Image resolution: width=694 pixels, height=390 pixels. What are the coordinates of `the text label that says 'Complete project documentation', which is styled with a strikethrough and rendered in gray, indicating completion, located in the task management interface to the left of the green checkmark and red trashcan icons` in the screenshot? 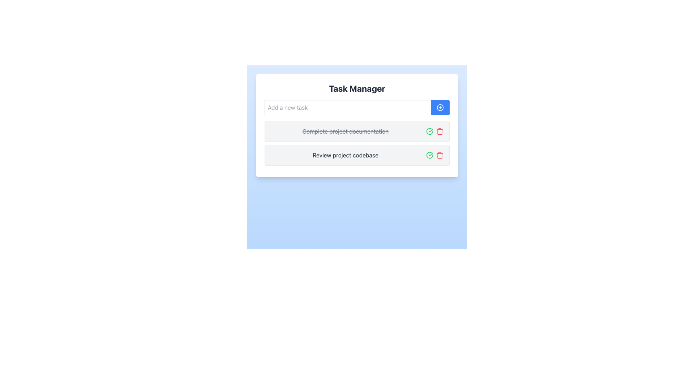 It's located at (345, 131).